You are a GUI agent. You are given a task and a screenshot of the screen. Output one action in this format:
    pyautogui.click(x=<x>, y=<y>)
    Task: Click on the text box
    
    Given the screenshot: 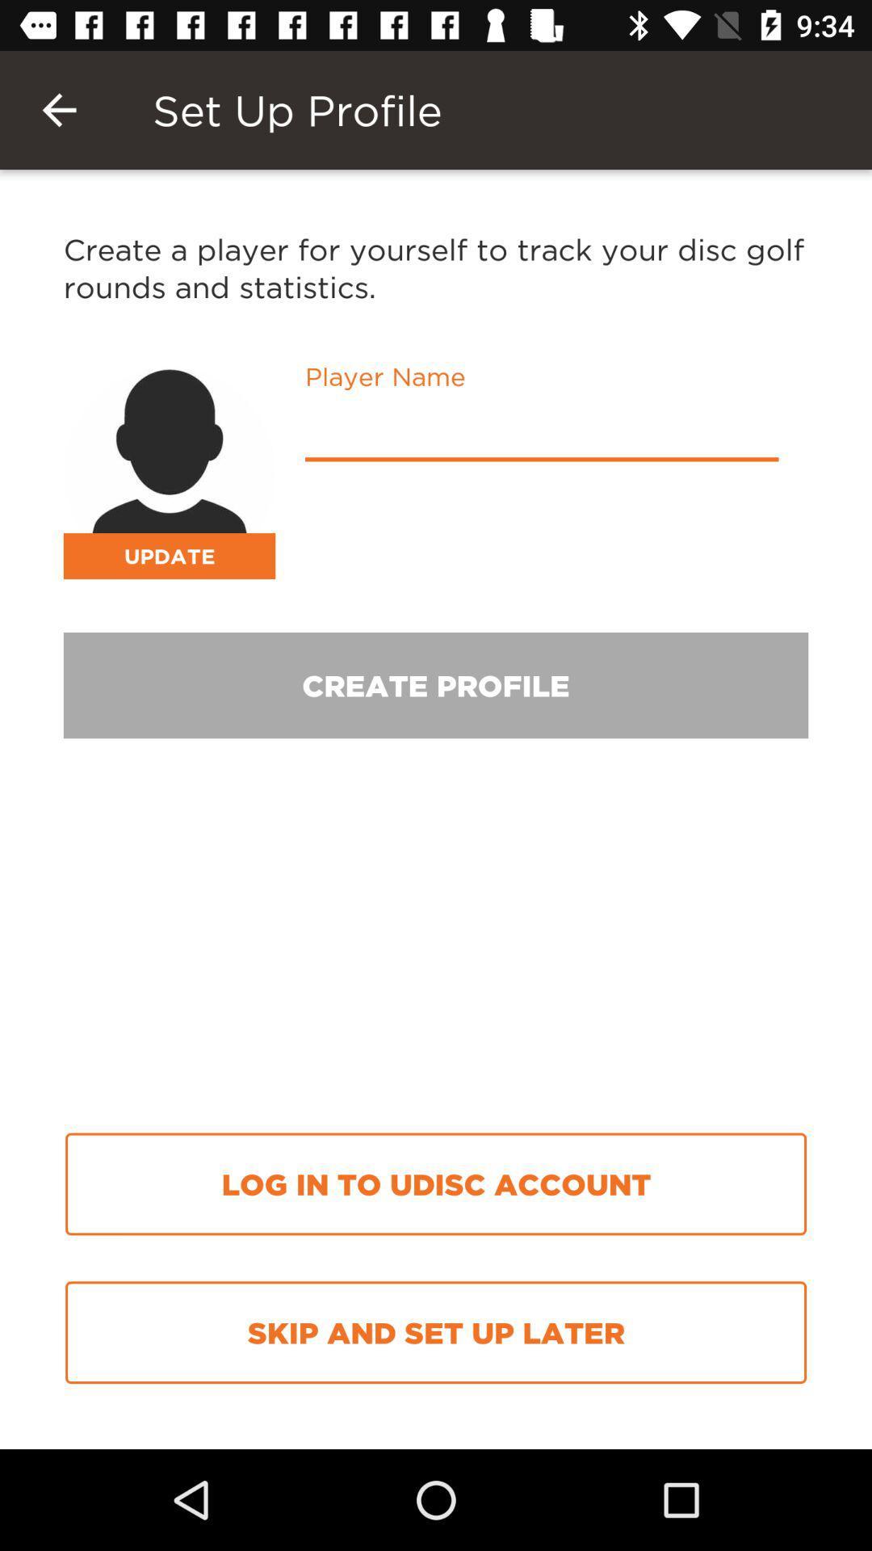 What is the action you would take?
    pyautogui.click(x=542, y=433)
    